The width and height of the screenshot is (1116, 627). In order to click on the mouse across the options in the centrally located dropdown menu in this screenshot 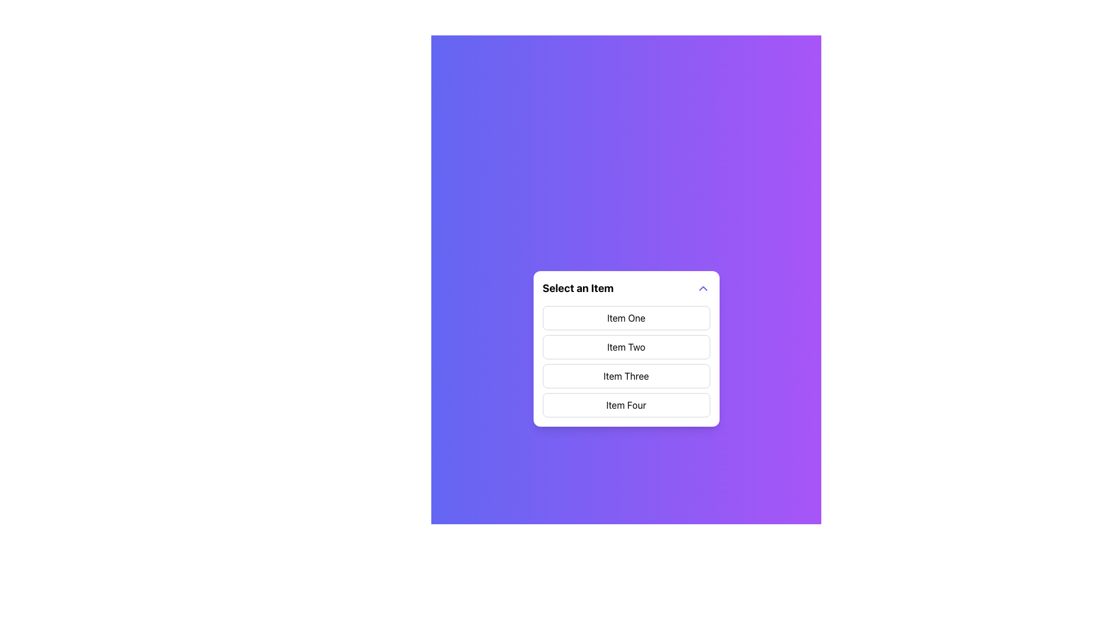, I will do `click(625, 348)`.